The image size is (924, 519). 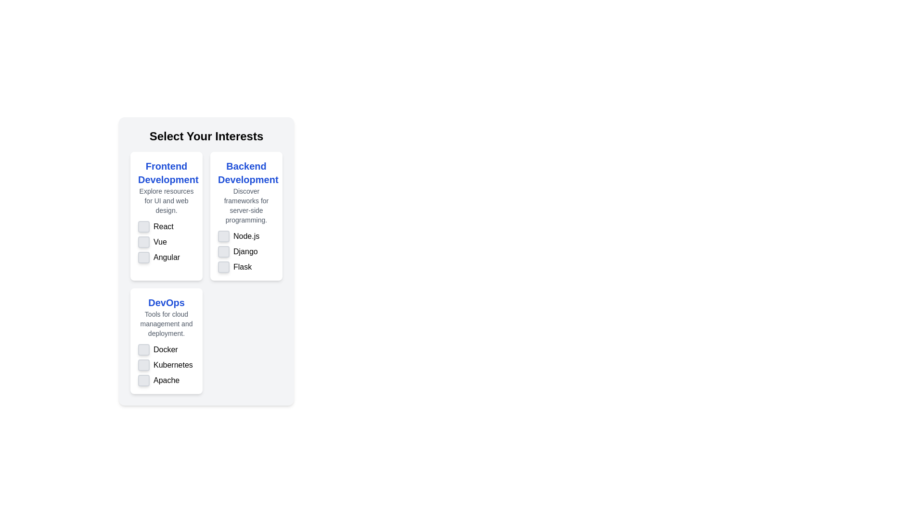 I want to click on the checkbox labeled 'Kubernetes', so click(x=166, y=365).